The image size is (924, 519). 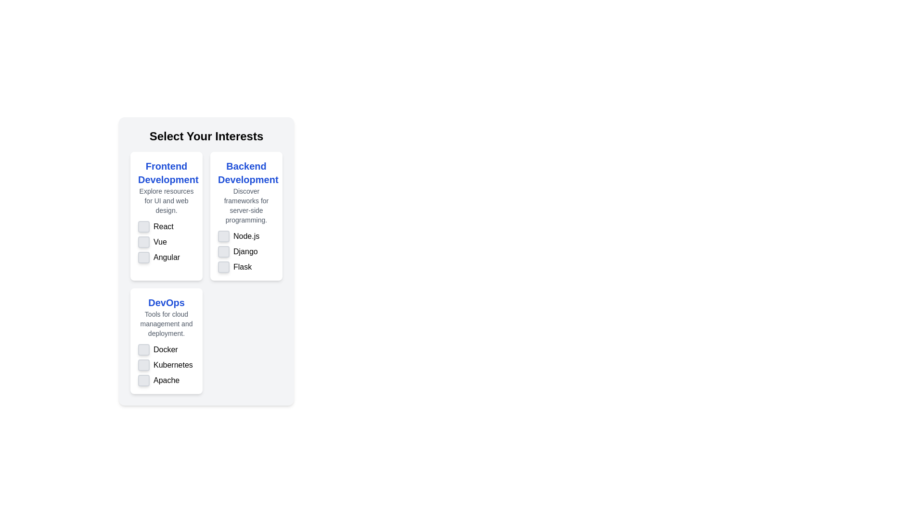 I want to click on the checkbox labeled 'Kubernetes', so click(x=166, y=365).